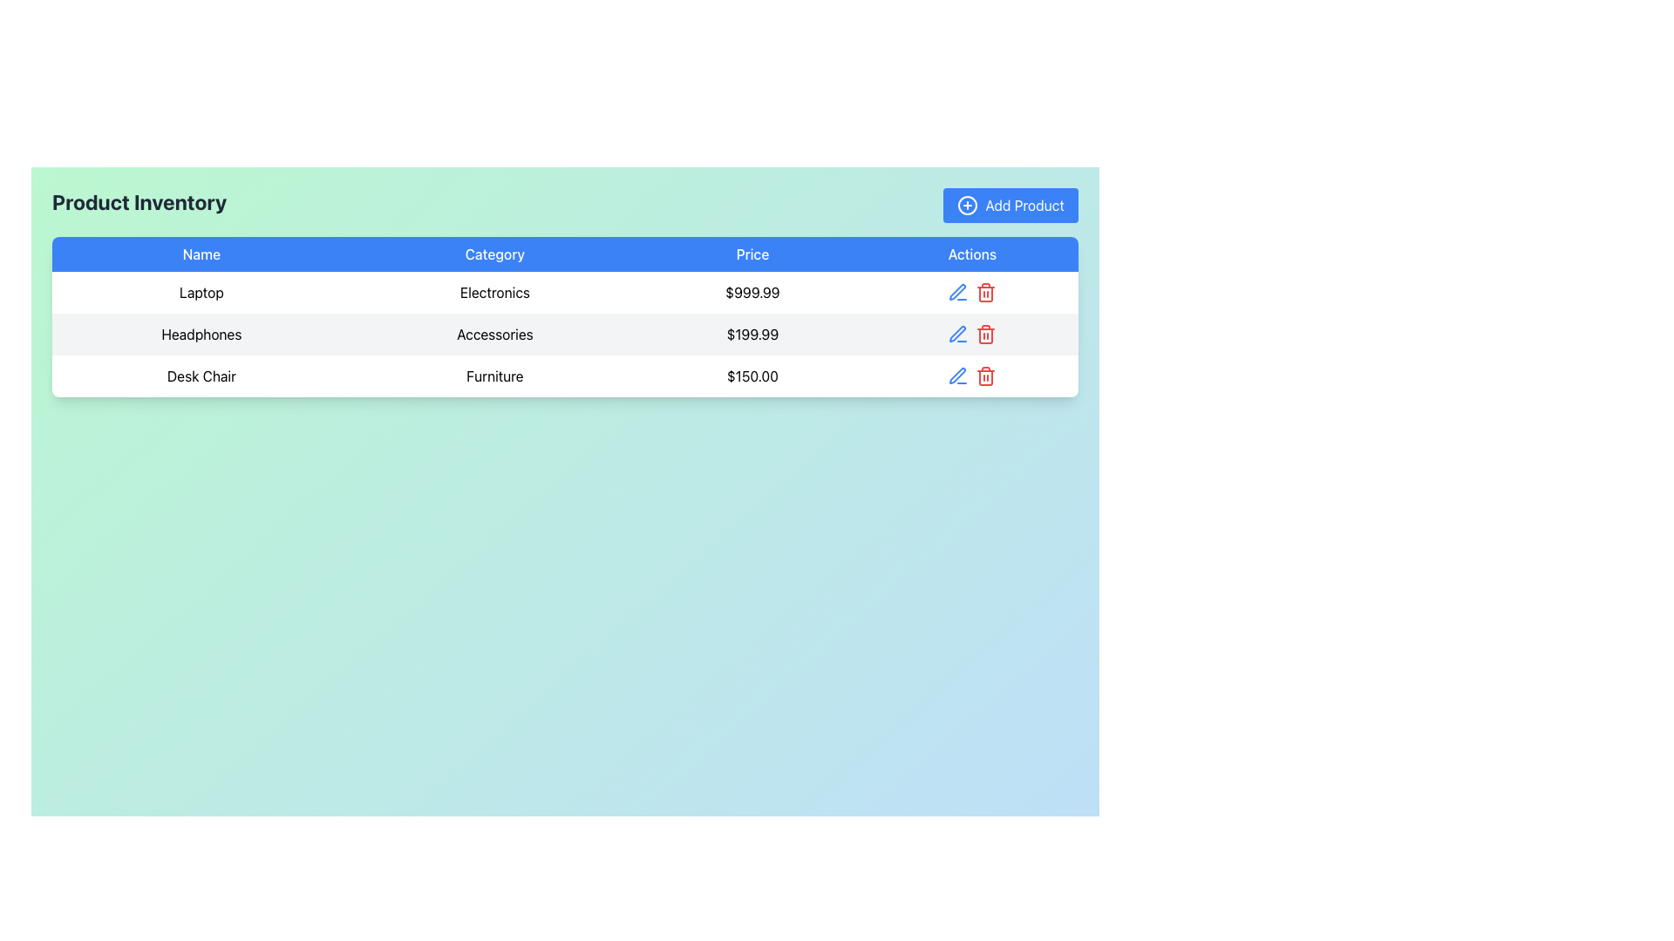 This screenshot has height=941, width=1674. I want to click on the edit icon located in the 'Actions' column of the first row of the table, positioned to the right of the 'Price' column, so click(971, 291).